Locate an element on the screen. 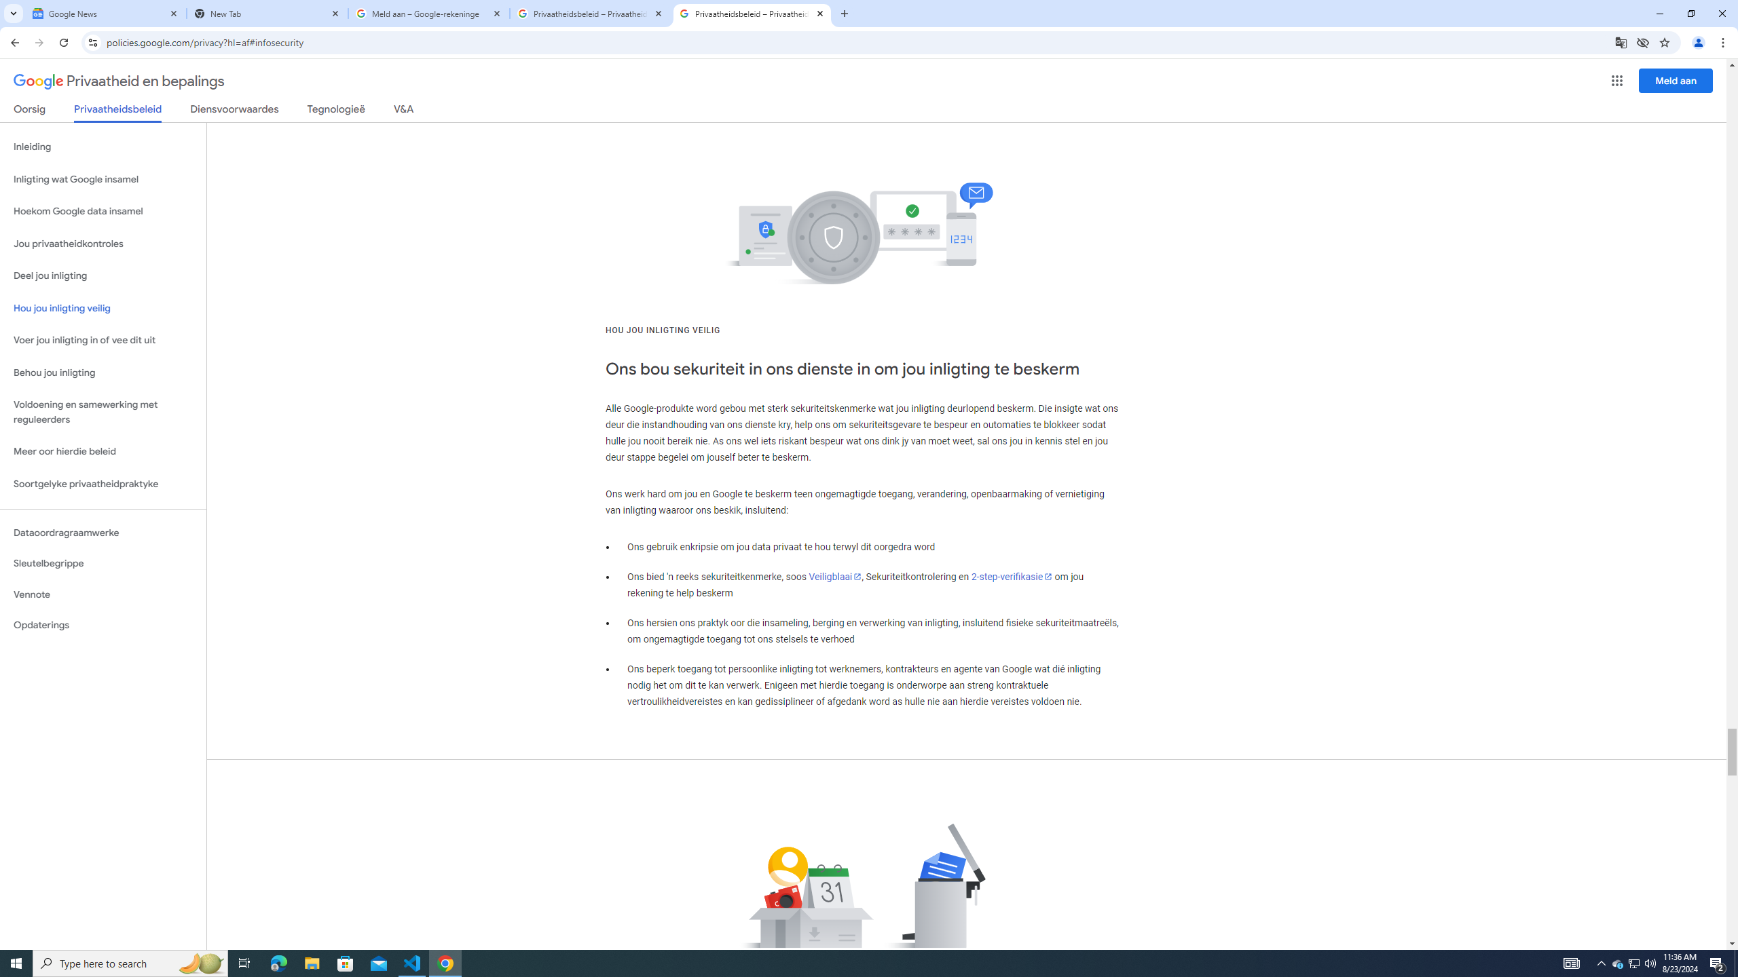 The image size is (1738, 977). 'Oorsig' is located at coordinates (30, 111).